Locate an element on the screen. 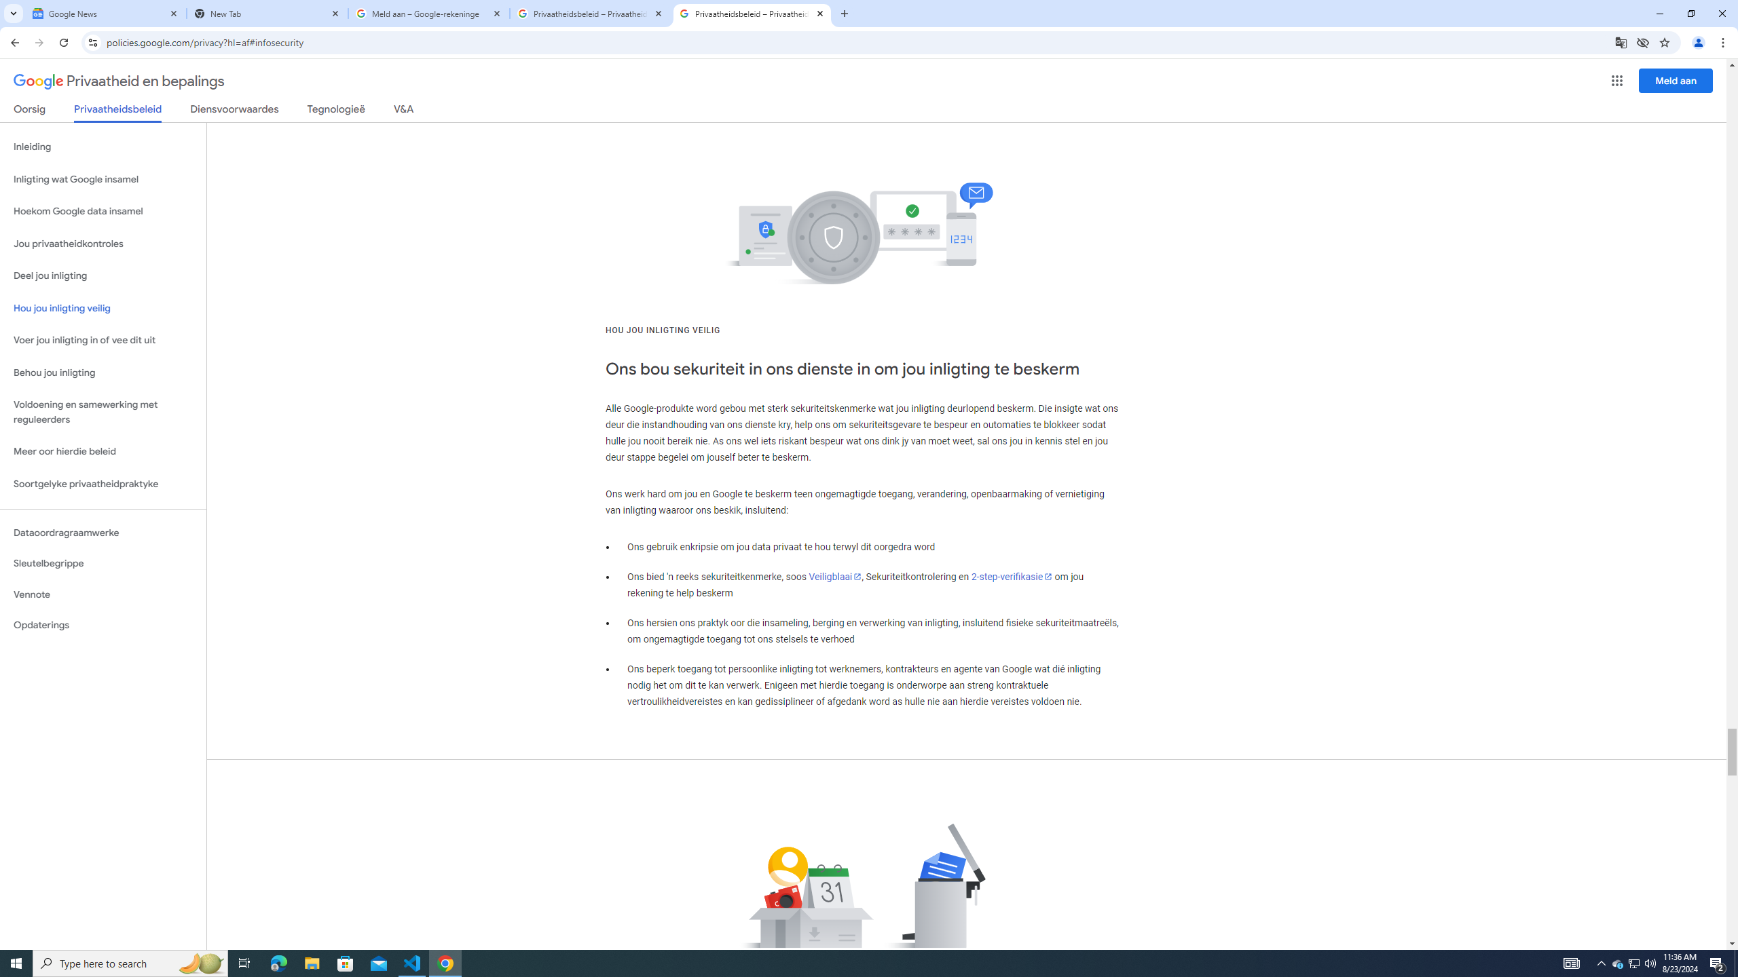 The image size is (1738, 977). 'Oorsig' is located at coordinates (30, 111).